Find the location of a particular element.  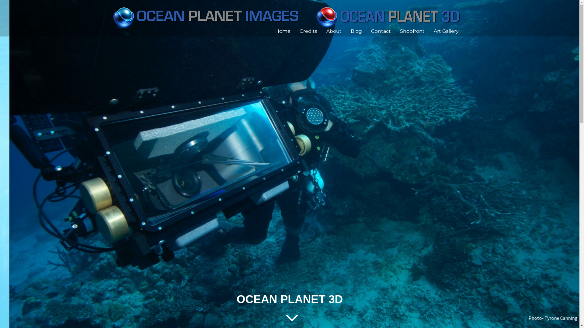

'Blog' is located at coordinates (350, 31).